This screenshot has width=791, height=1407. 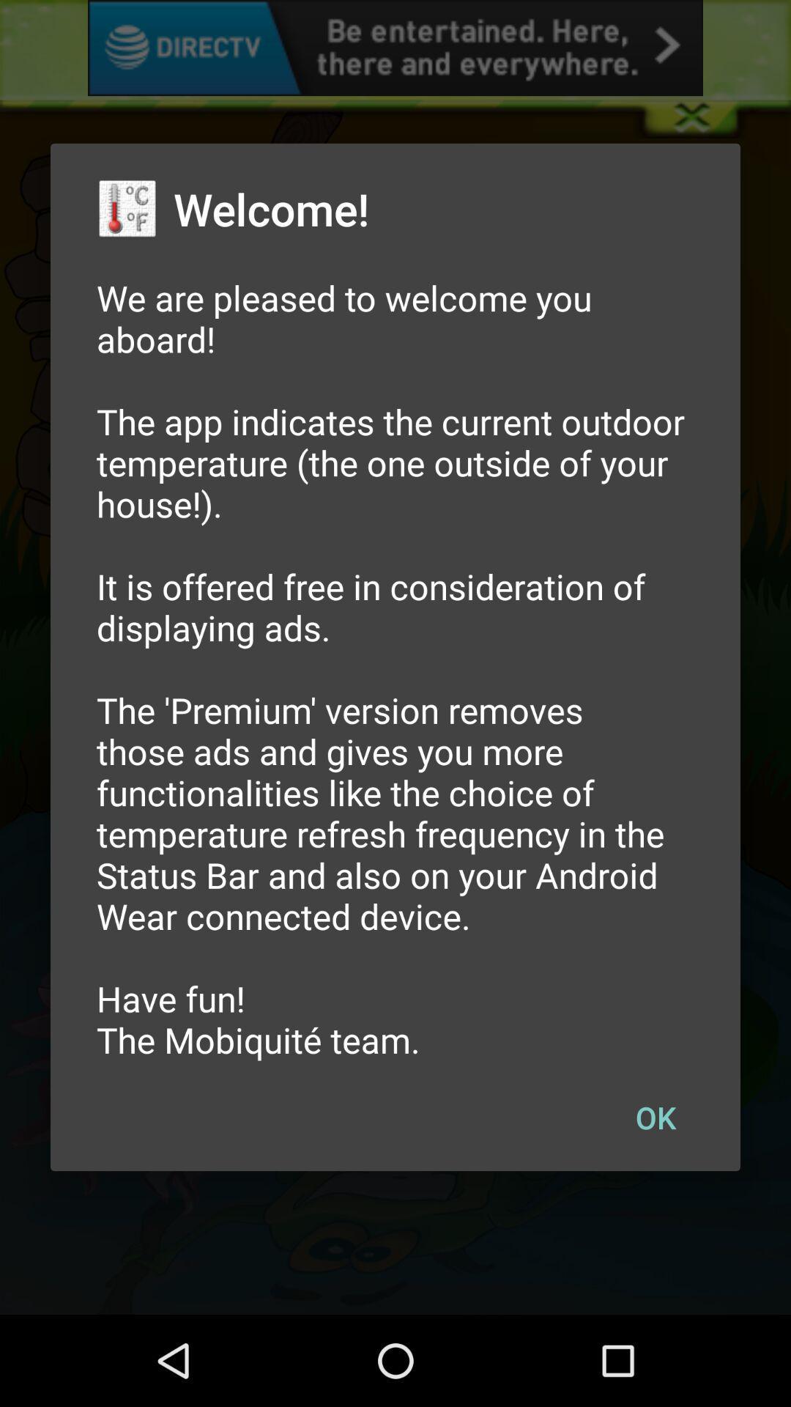 What do you see at coordinates (655, 1116) in the screenshot?
I see `ok icon` at bounding box center [655, 1116].